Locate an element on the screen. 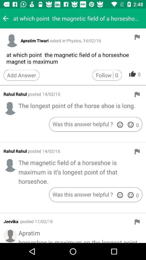 This screenshot has width=146, height=260. choose not helpful is located at coordinates (120, 195).